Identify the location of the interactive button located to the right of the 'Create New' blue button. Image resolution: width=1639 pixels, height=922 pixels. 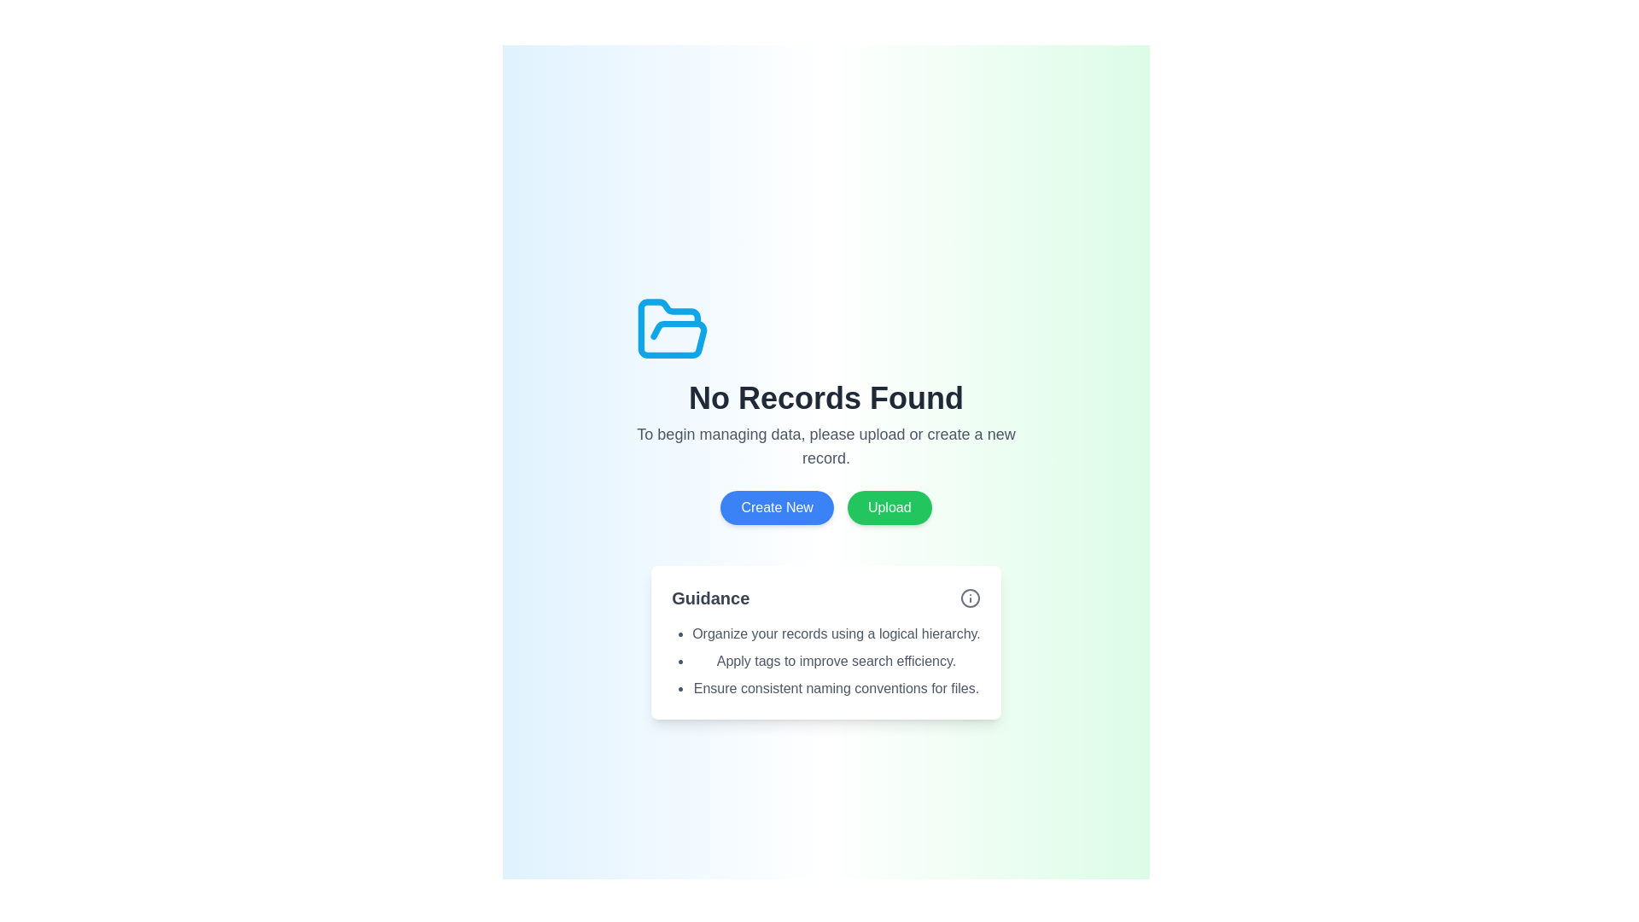
(889, 506).